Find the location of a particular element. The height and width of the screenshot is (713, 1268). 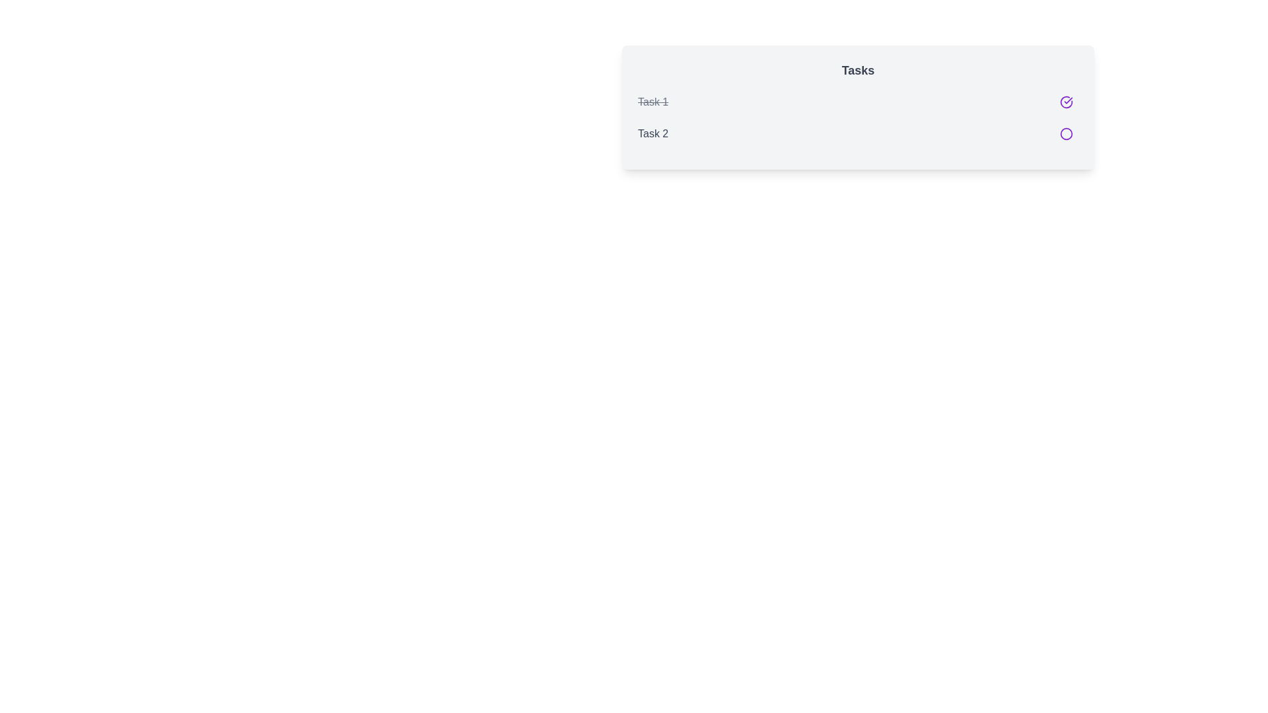

the icon representing an action or status indicator for 'Task 2', located in the second row towards the far right is located at coordinates (1066, 134).